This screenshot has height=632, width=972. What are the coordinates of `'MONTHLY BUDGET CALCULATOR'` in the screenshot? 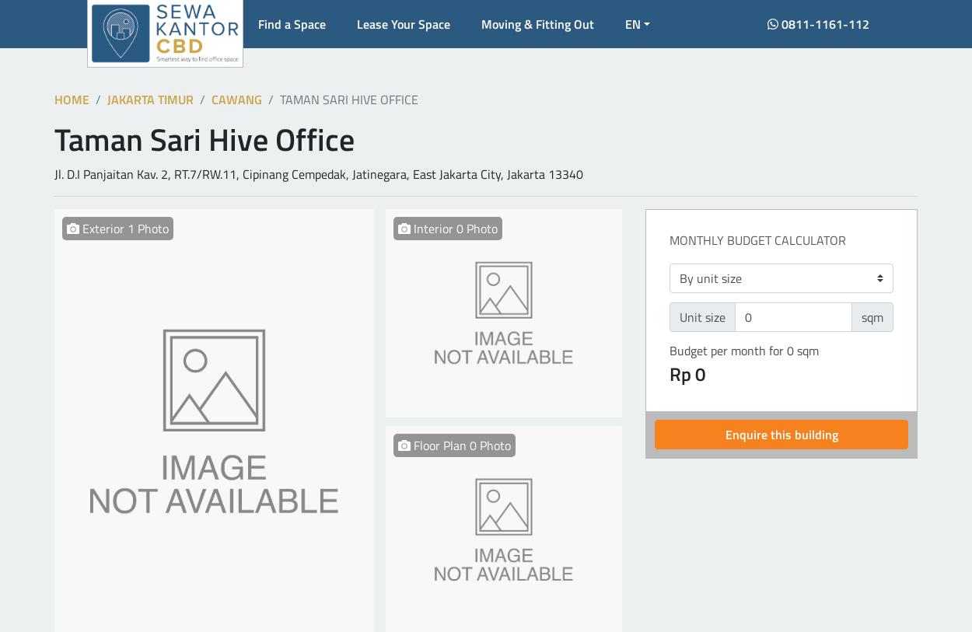 It's located at (757, 239).